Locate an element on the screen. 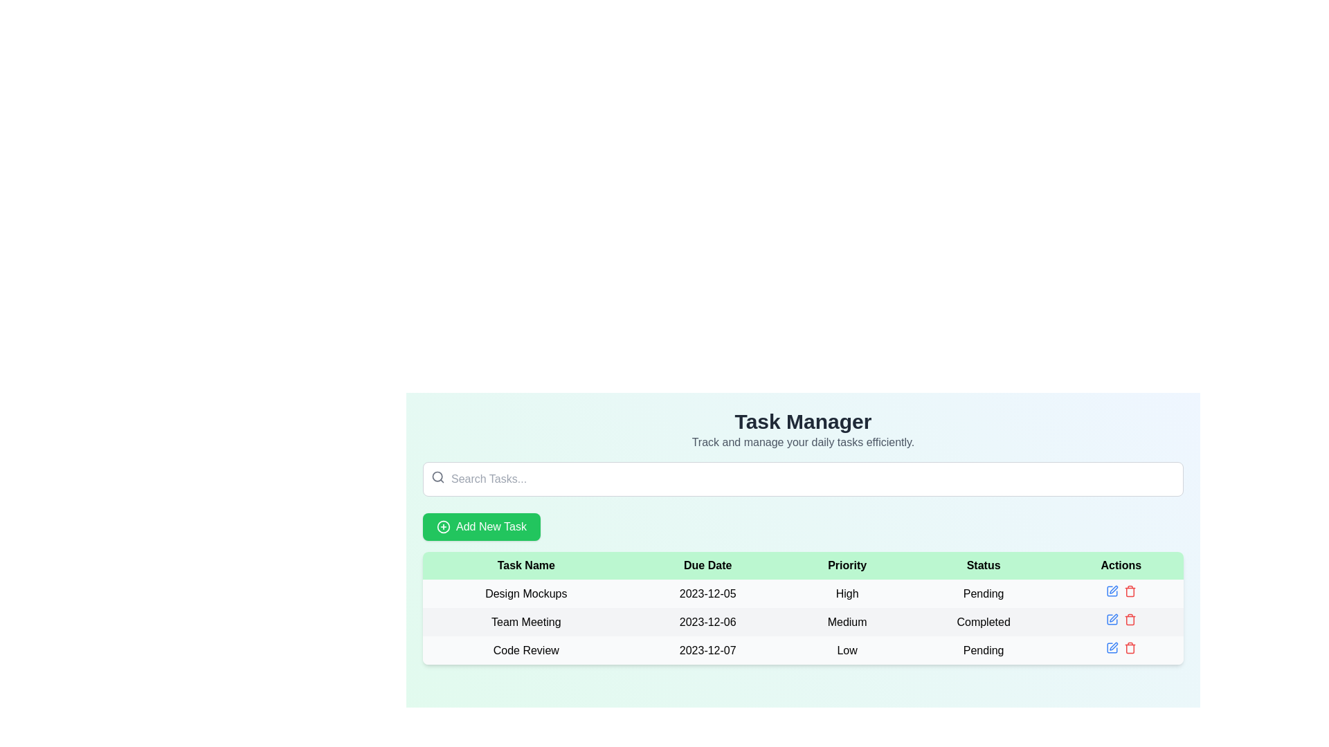 This screenshot has height=747, width=1329. the Table Header Cell with a green background and bold text saying 'Task Name', located in the top-left corner of the table header row is located at coordinates (525, 565).